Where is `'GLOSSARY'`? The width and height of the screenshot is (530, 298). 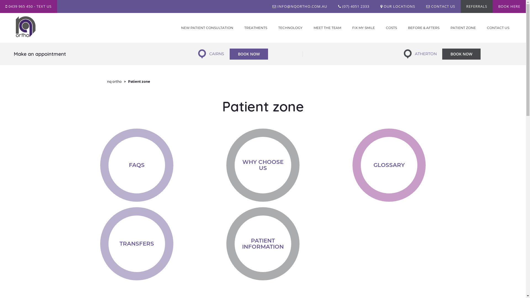 'GLOSSARY' is located at coordinates (389, 165).